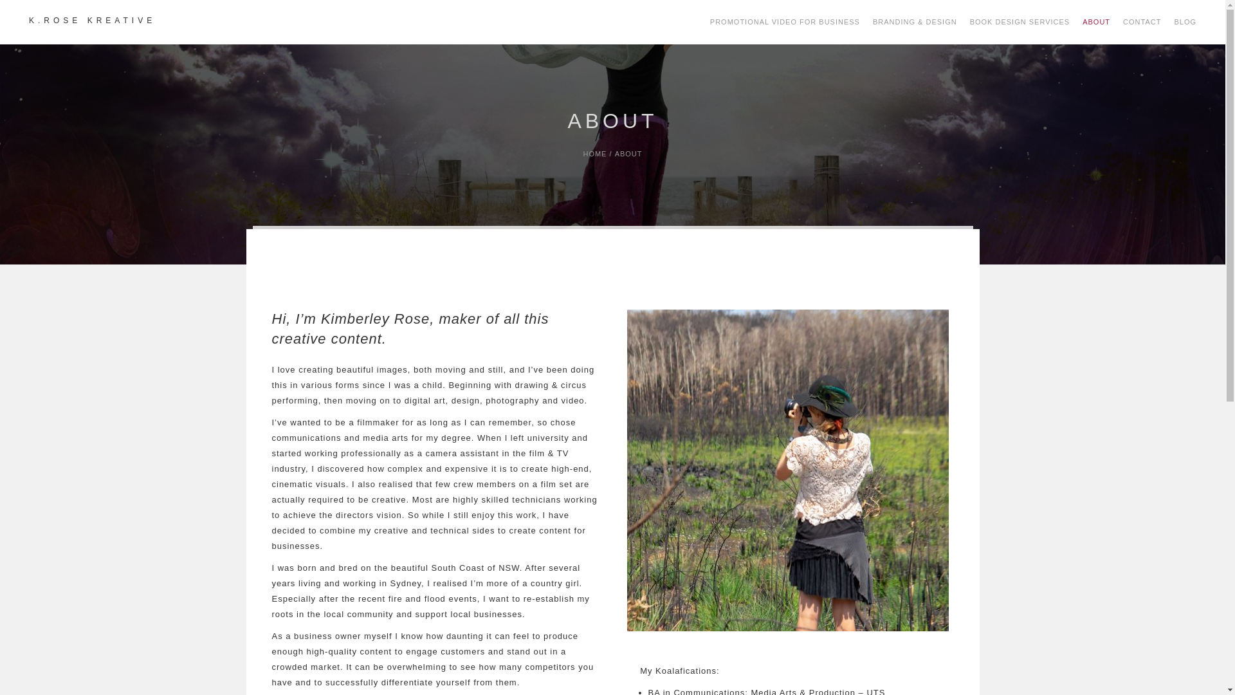  I want to click on 'Aboutmeimg', so click(787, 470).